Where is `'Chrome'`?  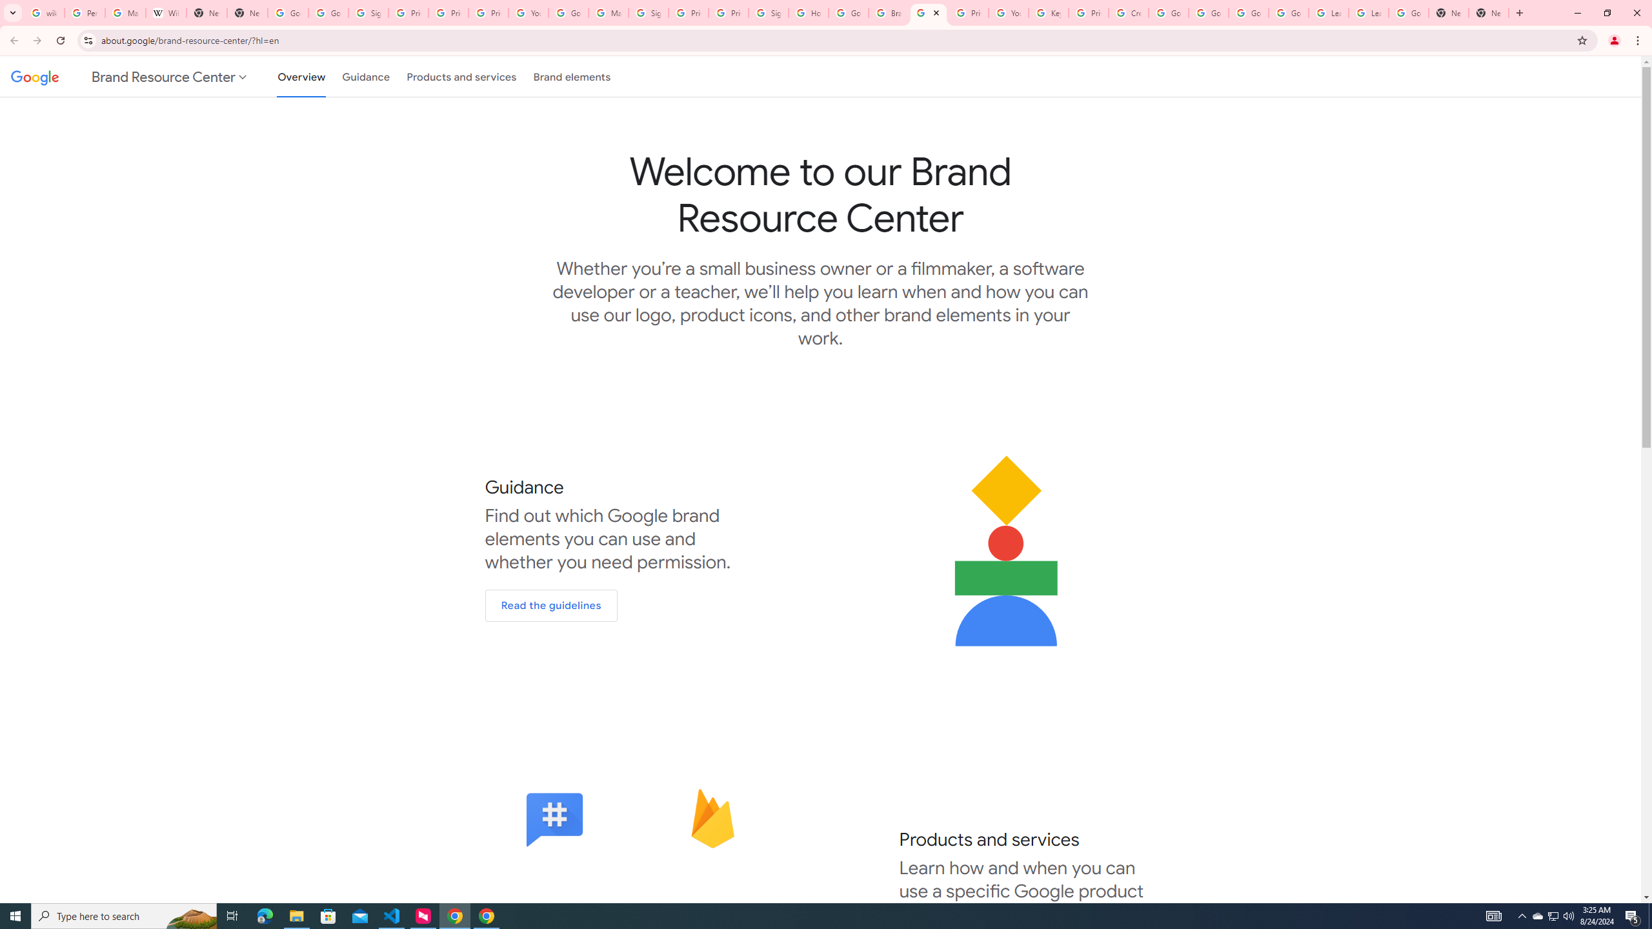 'Chrome' is located at coordinates (1638, 40).